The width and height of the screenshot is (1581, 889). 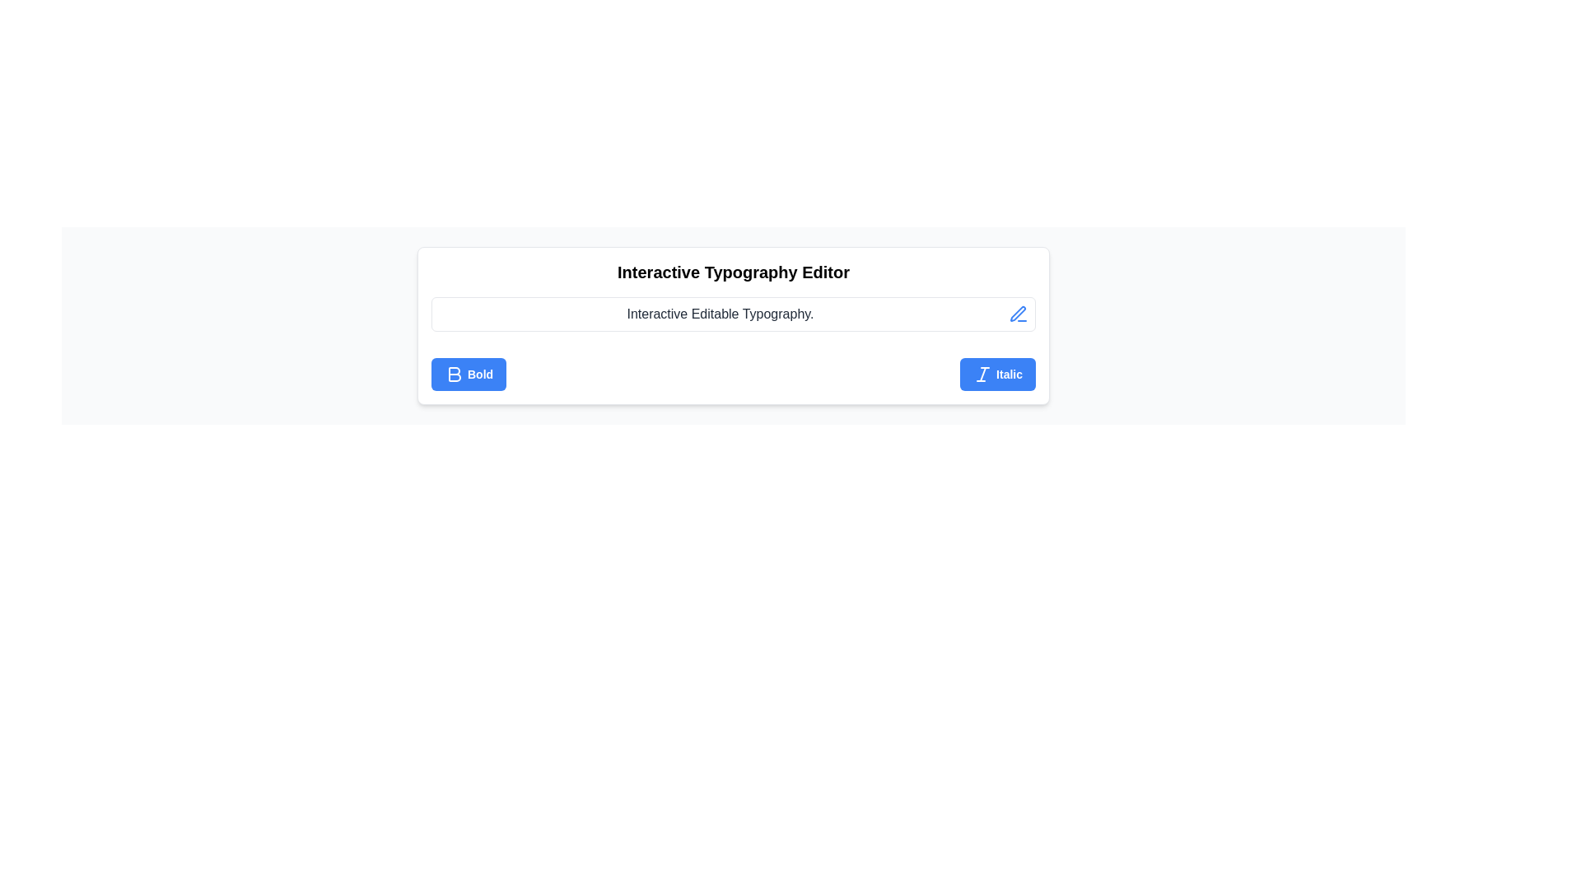 I want to click on the blue pen-like icon located to the right of the text input field to invoke the editing action, so click(x=1017, y=314).